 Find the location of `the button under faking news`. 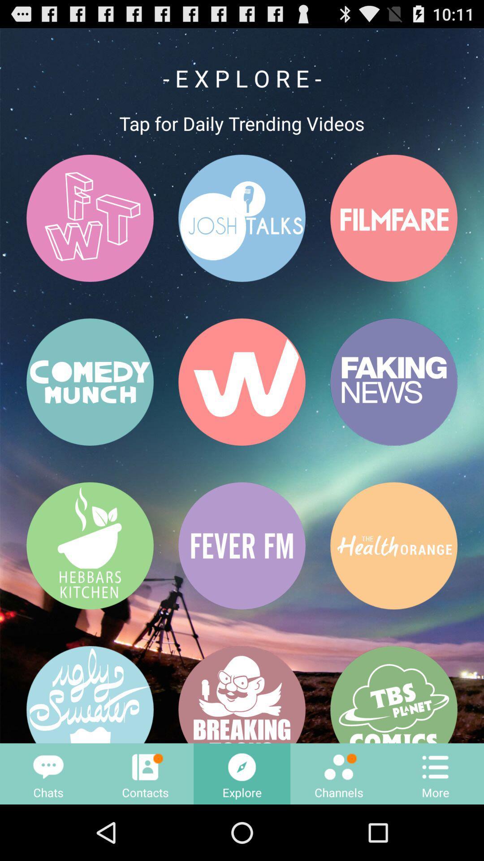

the button under faking news is located at coordinates (393, 545).